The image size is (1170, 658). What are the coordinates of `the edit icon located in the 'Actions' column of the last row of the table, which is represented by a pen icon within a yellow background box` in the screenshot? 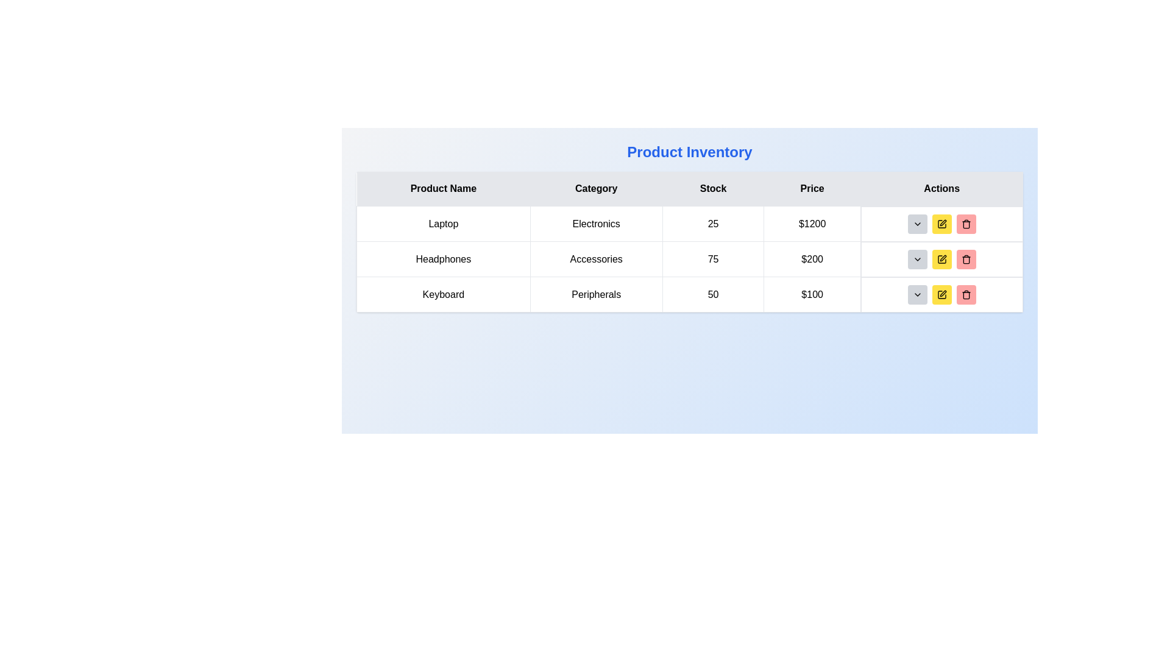 It's located at (942, 222).